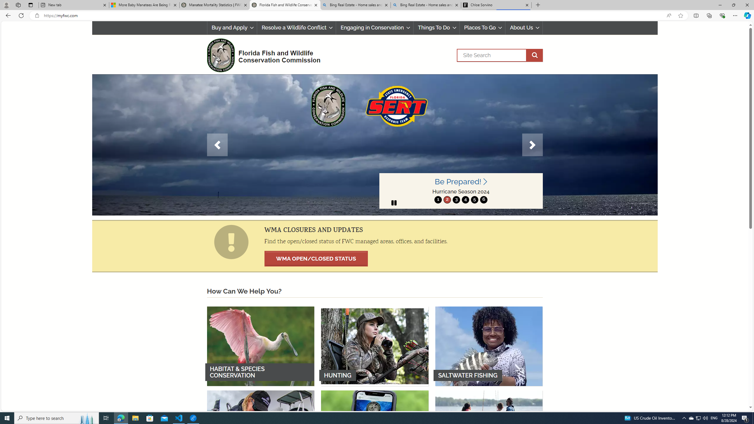 The width and height of the screenshot is (754, 424). I want to click on 'FWC Logo Florida Fish and Wildlife Conservation Commission', so click(261, 54).